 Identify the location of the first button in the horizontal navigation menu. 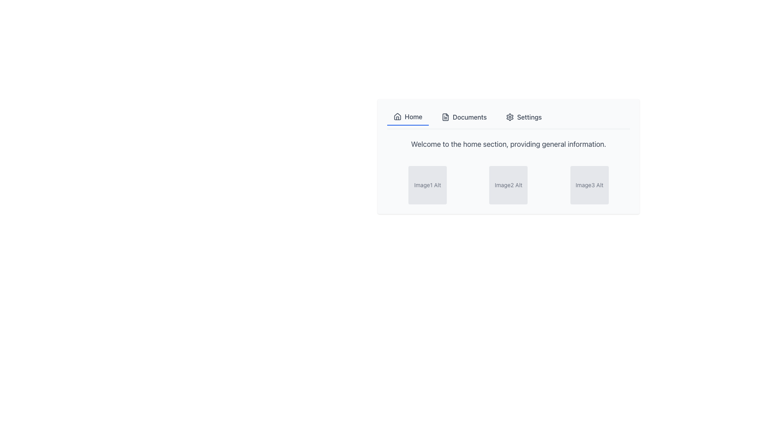
(408, 117).